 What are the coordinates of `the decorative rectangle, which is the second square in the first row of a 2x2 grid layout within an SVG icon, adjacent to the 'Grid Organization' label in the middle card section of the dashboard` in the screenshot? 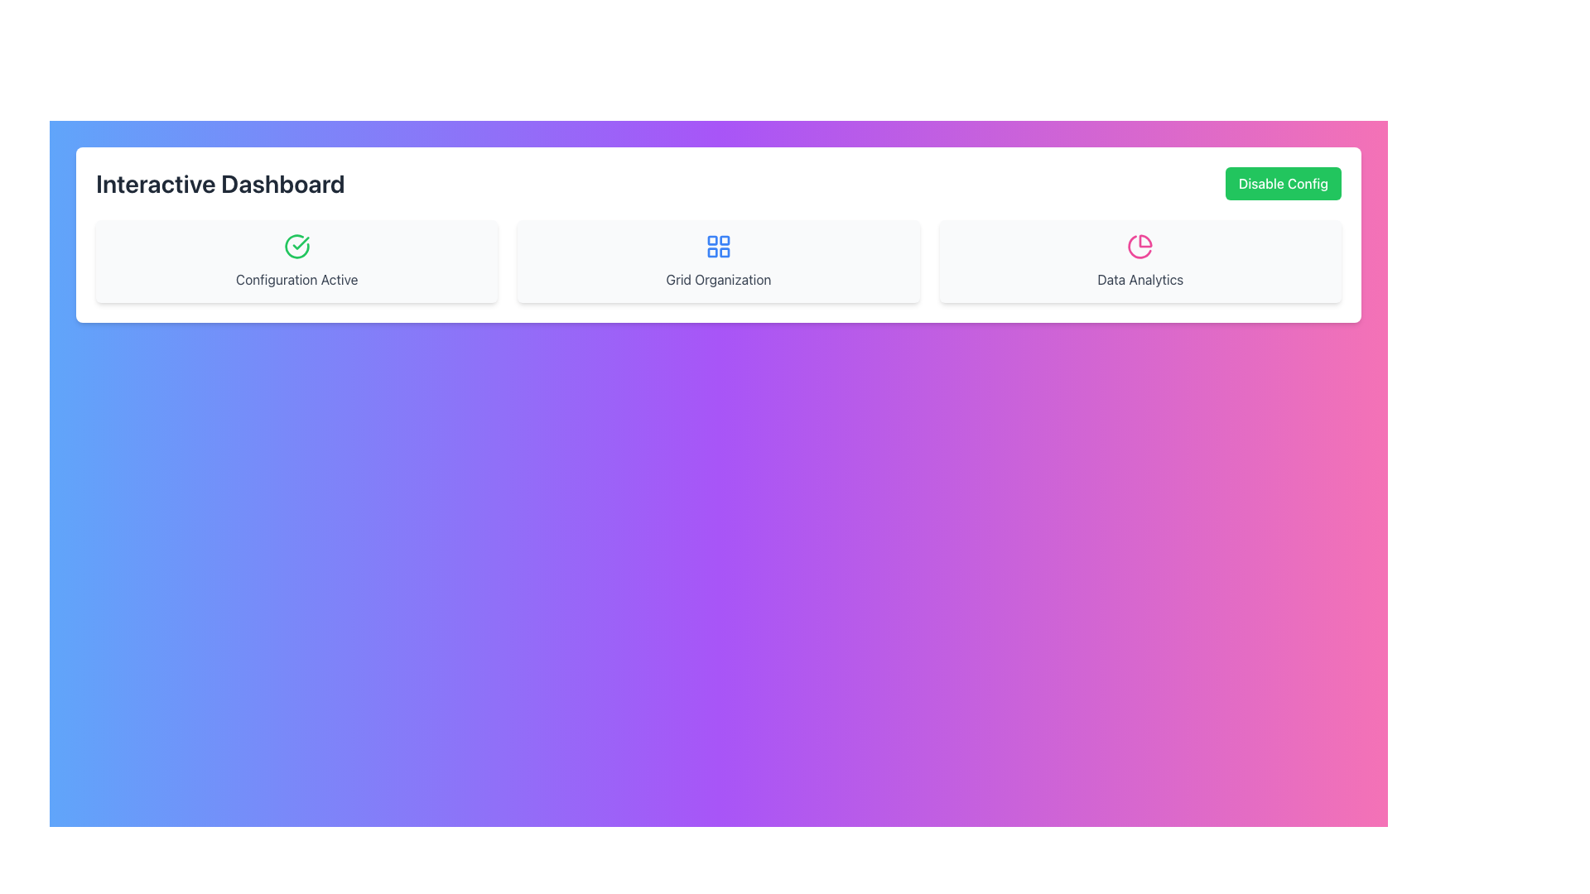 It's located at (725, 240).